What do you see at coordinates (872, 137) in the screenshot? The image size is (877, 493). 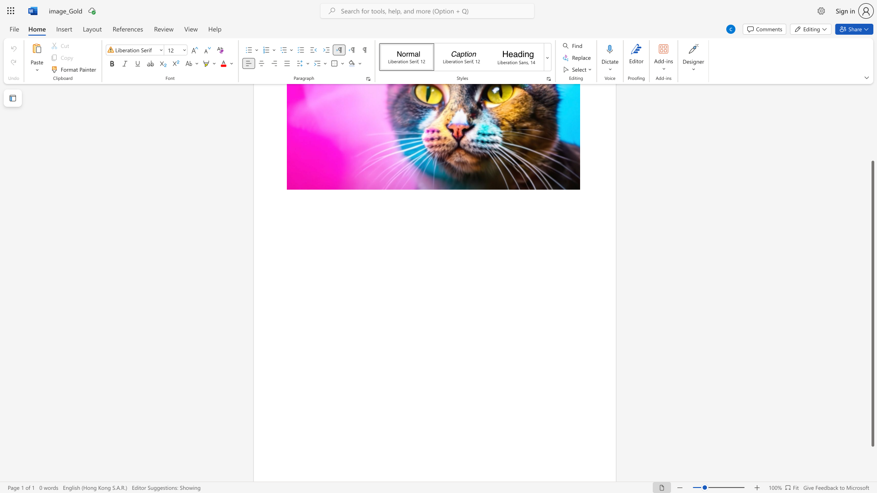 I see `the scrollbar on the right to move the page upward` at bounding box center [872, 137].